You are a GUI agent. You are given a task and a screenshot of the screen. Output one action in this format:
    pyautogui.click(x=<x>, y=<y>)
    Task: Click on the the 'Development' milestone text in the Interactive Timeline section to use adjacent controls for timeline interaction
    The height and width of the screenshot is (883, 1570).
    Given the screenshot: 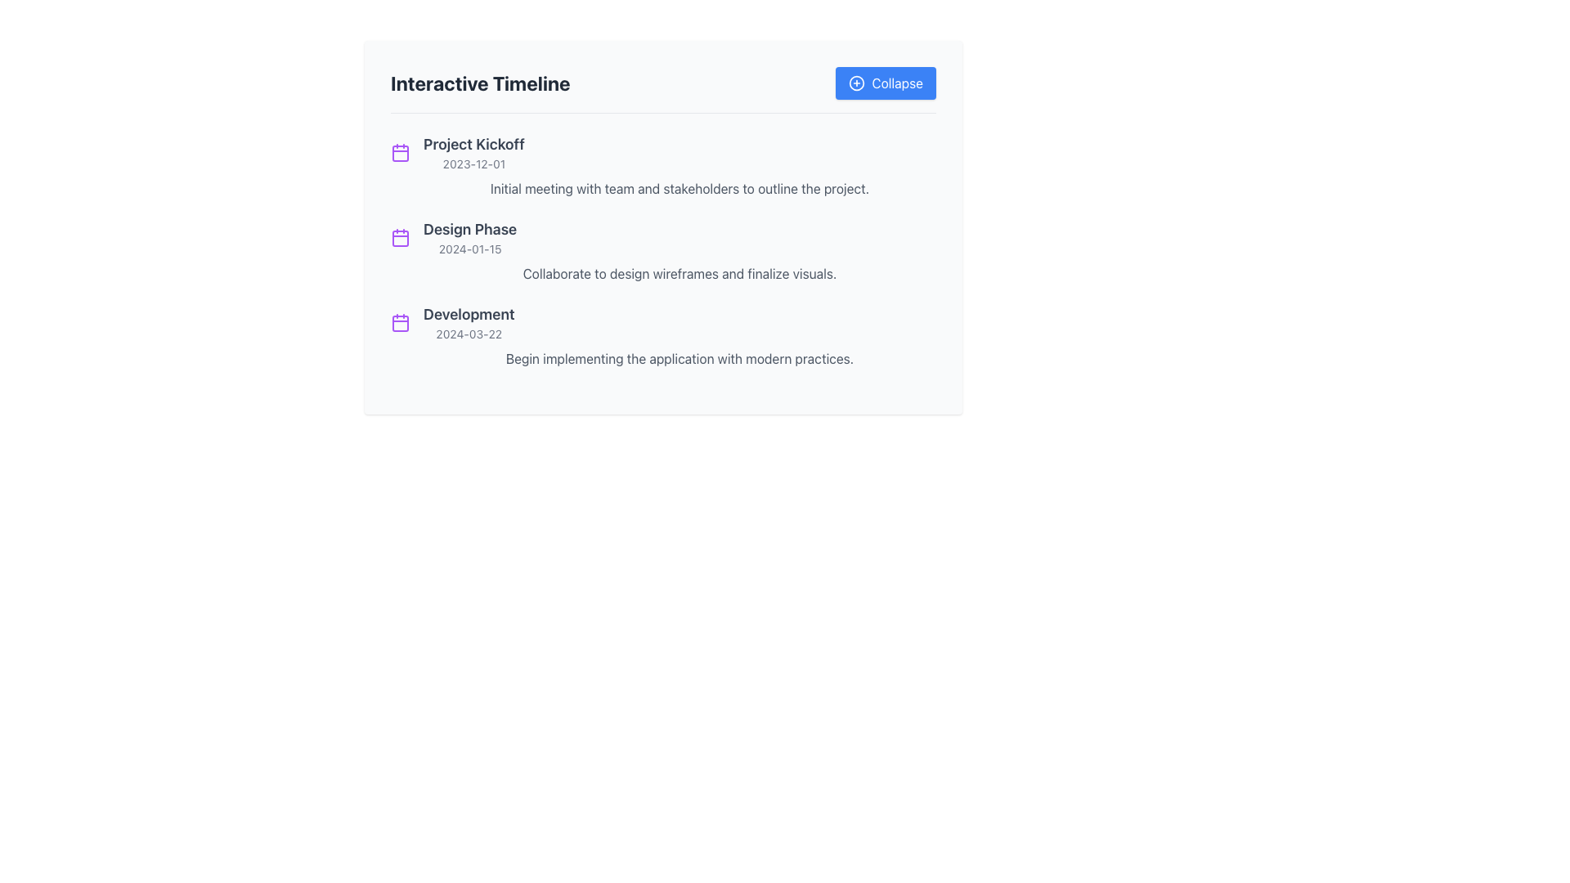 What is the action you would take?
    pyautogui.click(x=468, y=322)
    